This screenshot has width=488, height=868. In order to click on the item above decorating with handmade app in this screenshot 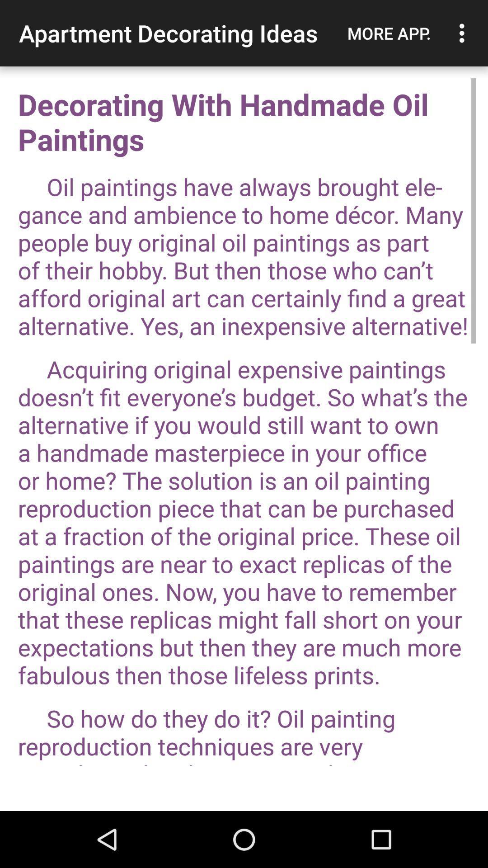, I will do `click(464, 33)`.